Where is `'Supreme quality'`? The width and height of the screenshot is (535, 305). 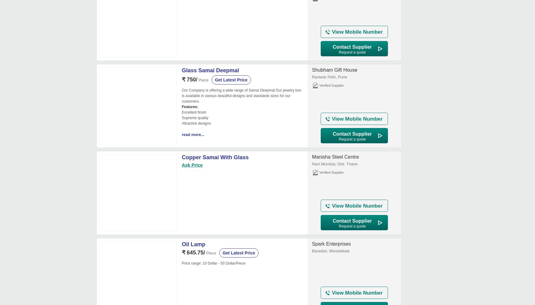 'Supreme quality' is located at coordinates (194, 117).